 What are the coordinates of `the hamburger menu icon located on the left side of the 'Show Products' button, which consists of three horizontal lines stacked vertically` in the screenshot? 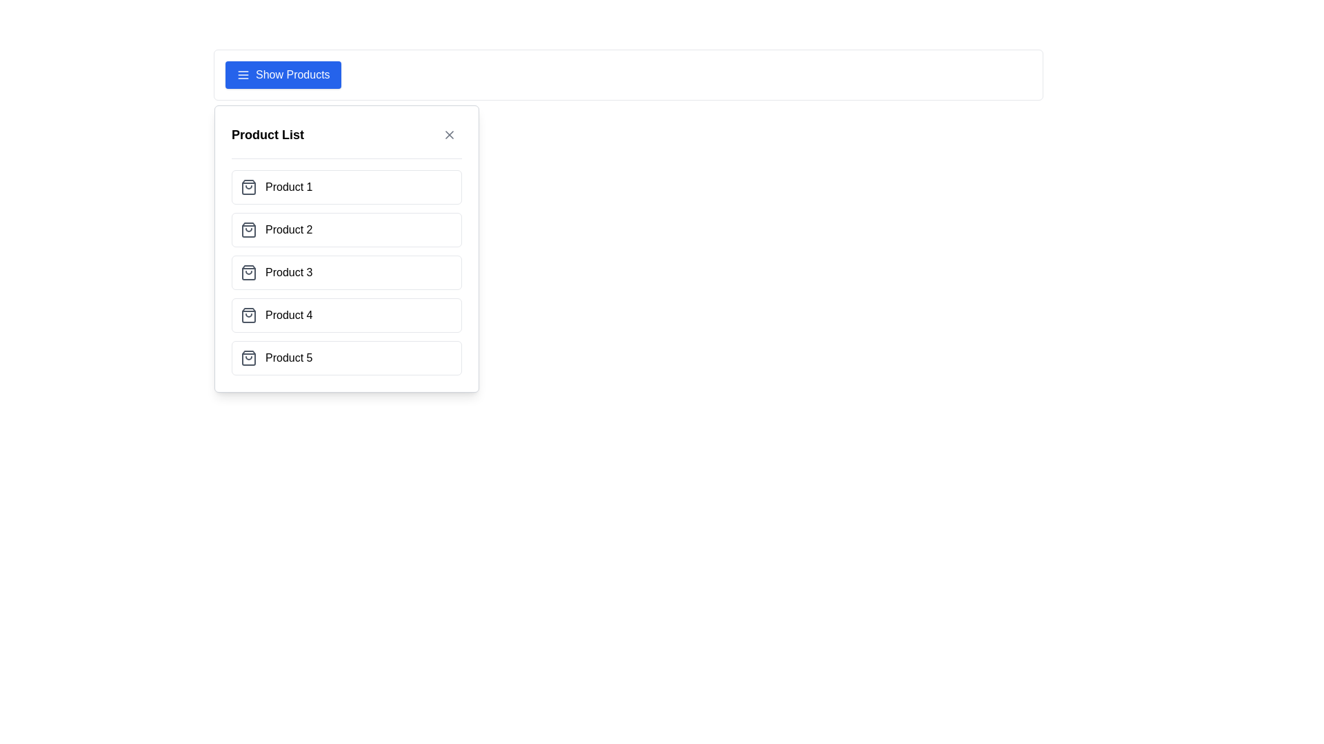 It's located at (243, 74).